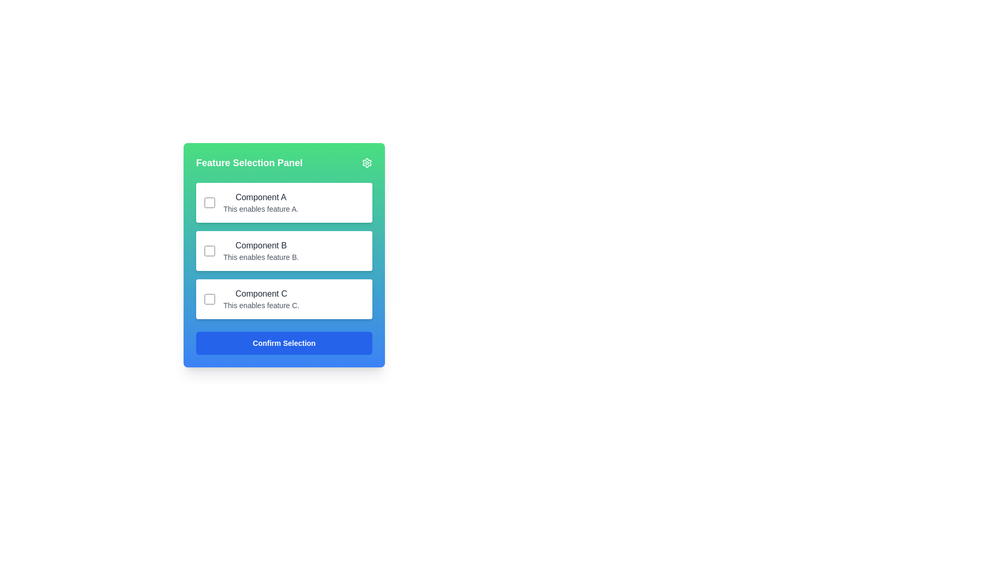 This screenshot has height=566, width=1007. Describe the element at coordinates (261, 251) in the screenshot. I see `the Text Display for 'Component B', which is located in the 'Feature Selection Panel' immediately below 'Component A'` at that location.